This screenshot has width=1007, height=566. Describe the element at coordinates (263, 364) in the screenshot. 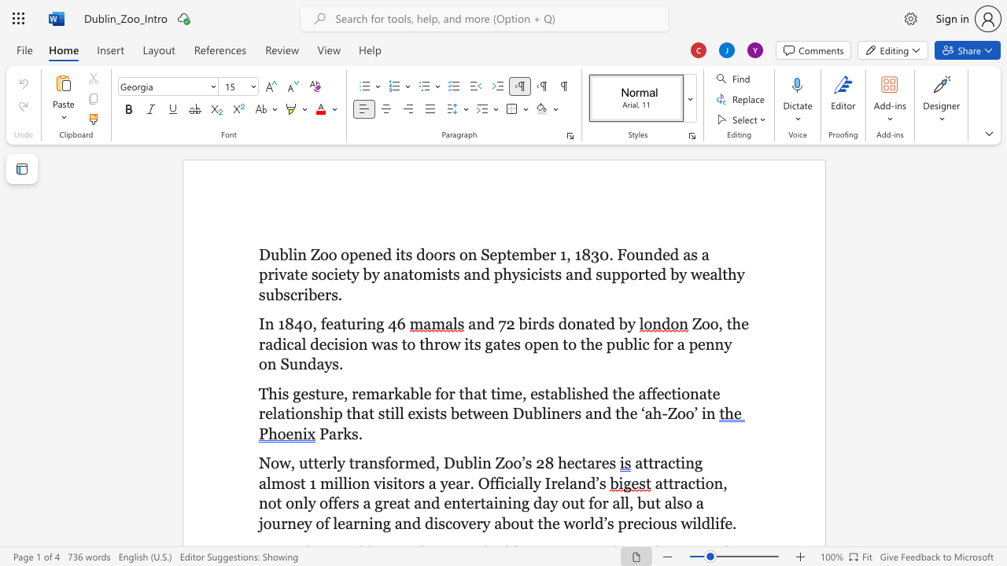

I see `the 9th character "o" in the text` at that location.